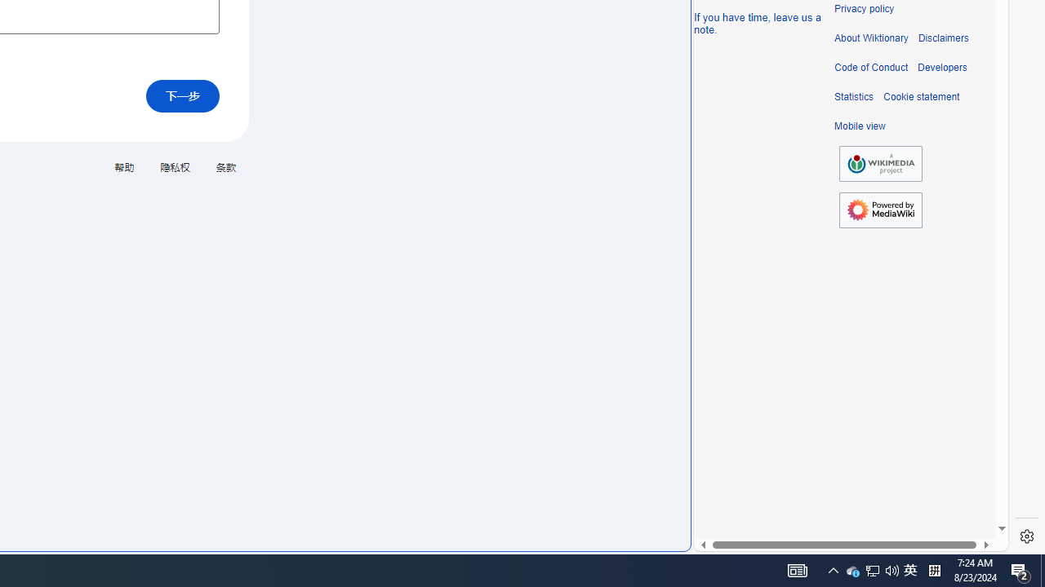 The image size is (1045, 587). I want to click on 'Statistics', so click(853, 97).